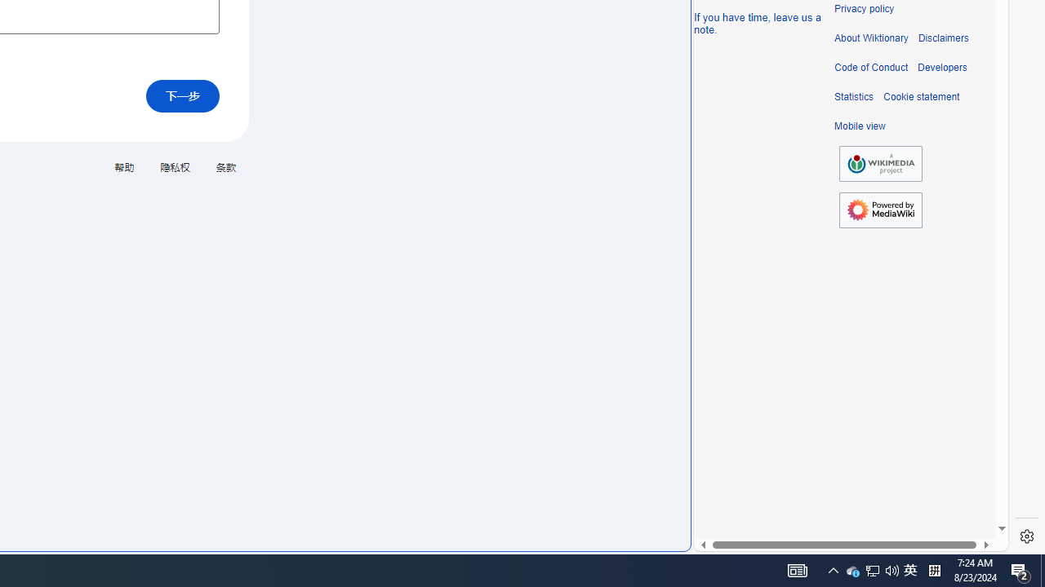 The image size is (1045, 587). I want to click on 'Statistics', so click(853, 97).